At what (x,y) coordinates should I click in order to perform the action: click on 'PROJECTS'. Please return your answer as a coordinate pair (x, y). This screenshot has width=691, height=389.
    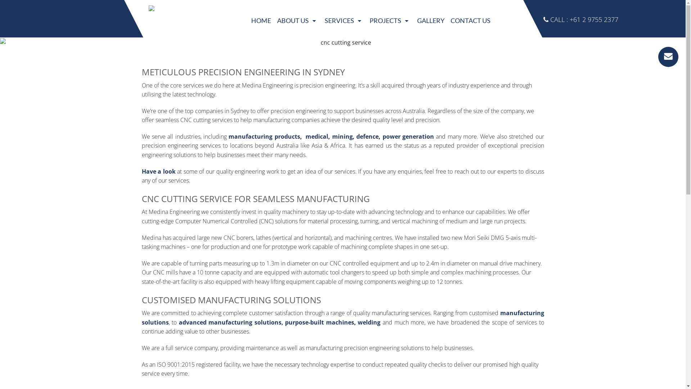
    Looking at the image, I should click on (390, 20).